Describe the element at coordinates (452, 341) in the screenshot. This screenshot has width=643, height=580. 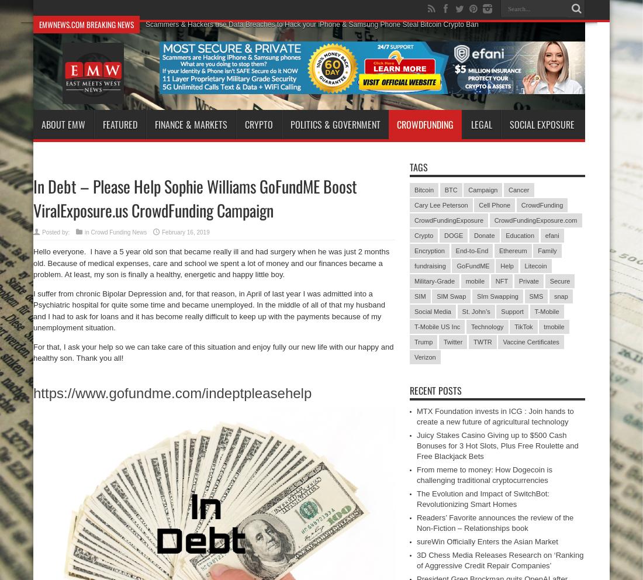
I see `'Twitter'` at that location.